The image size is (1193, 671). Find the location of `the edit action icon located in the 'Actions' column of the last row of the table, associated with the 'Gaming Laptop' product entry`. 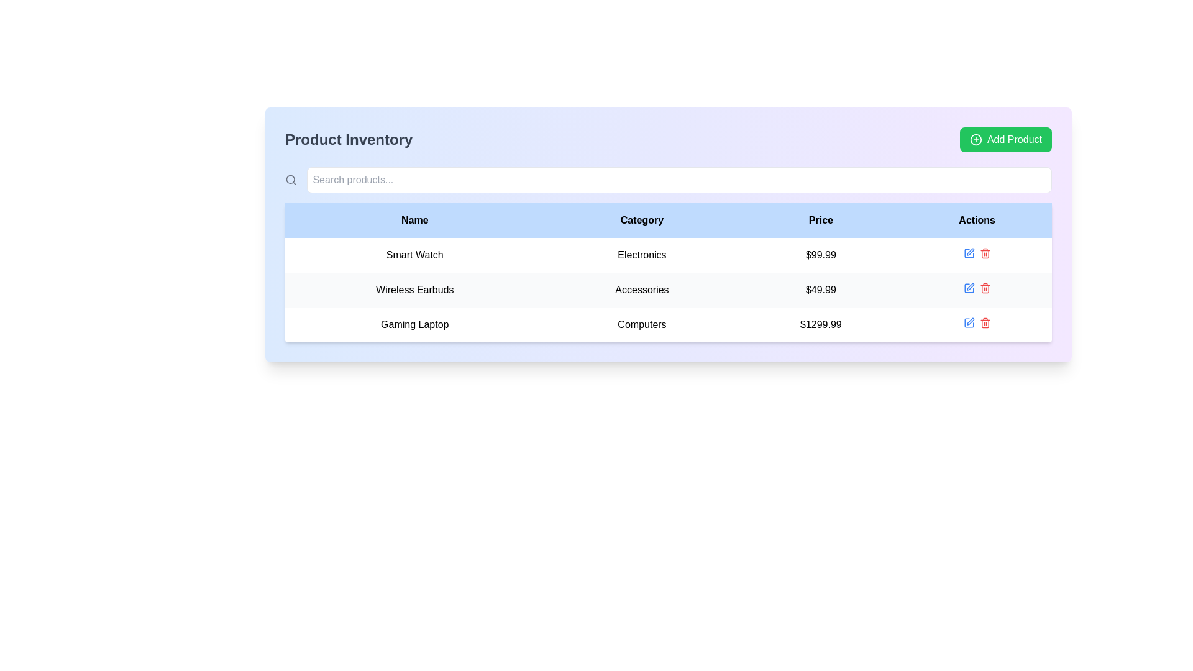

the edit action icon located in the 'Actions' column of the last row of the table, associated with the 'Gaming Laptop' product entry is located at coordinates (968, 253).